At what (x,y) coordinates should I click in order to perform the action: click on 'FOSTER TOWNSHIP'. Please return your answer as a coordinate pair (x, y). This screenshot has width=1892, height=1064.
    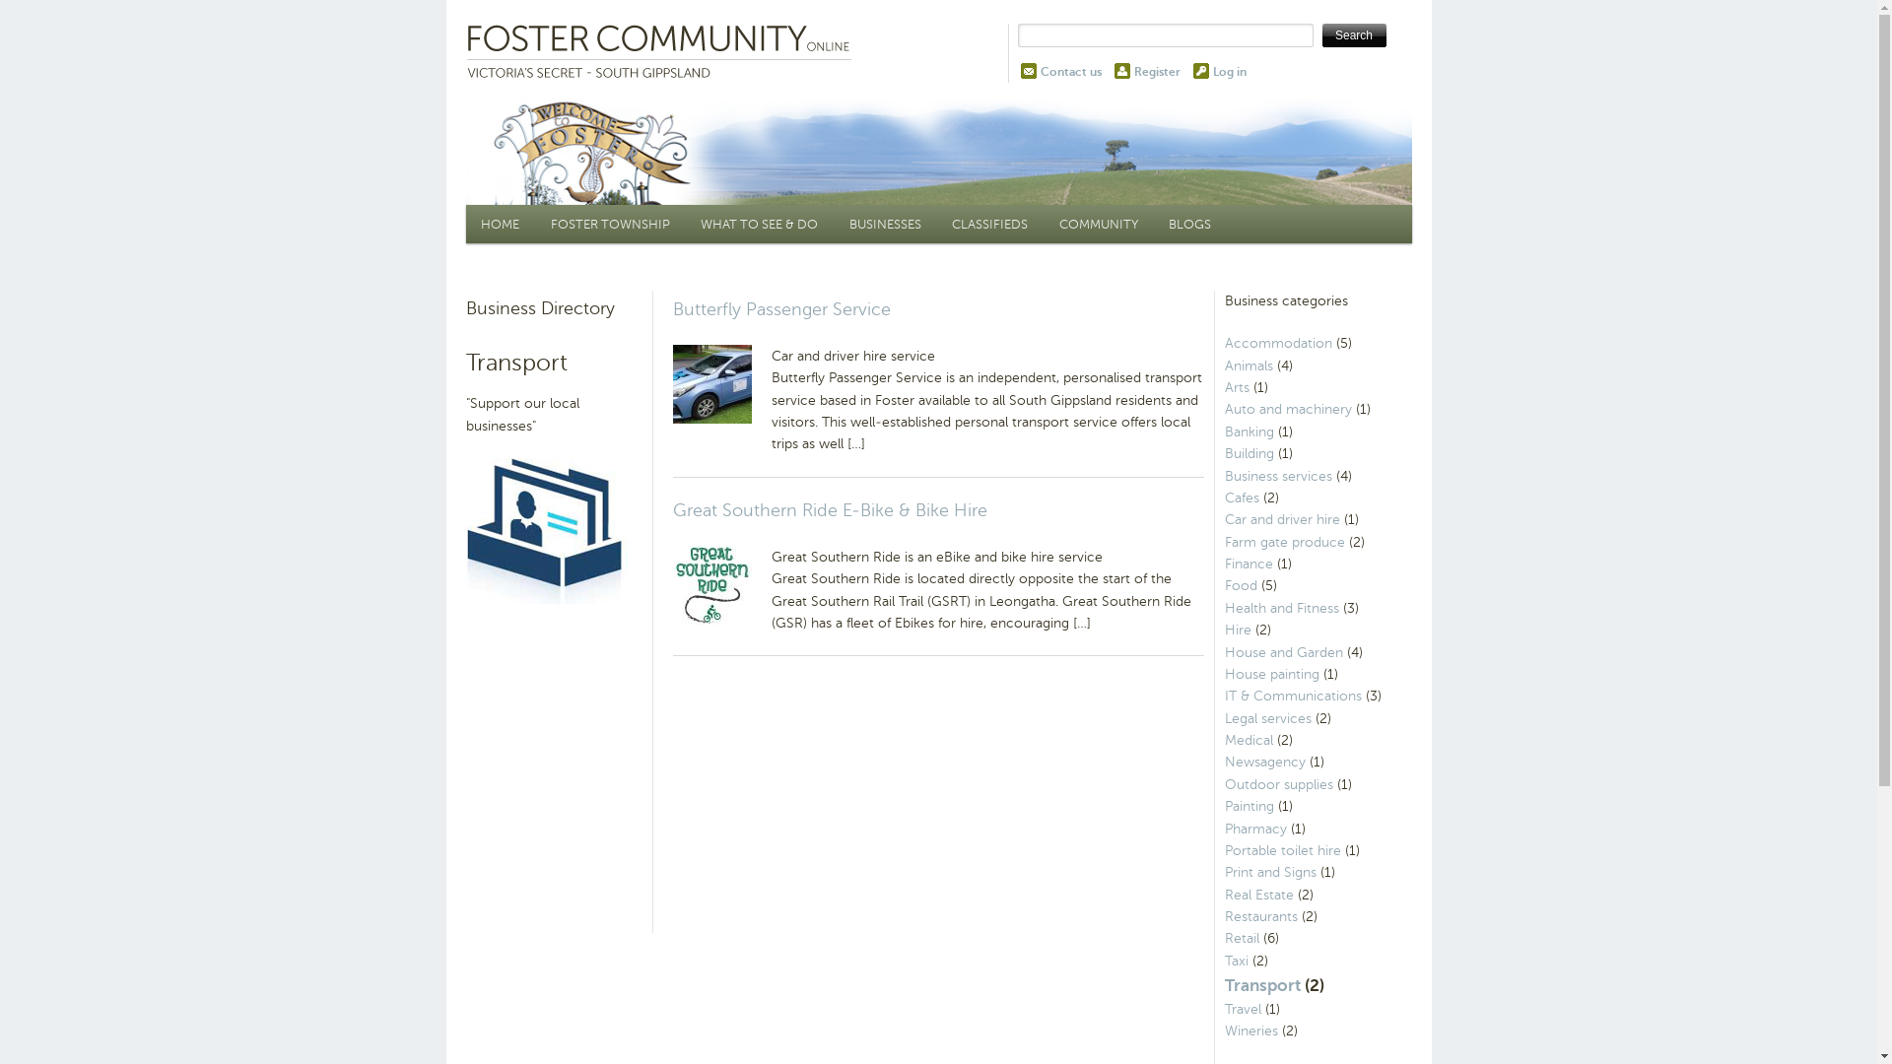
    Looking at the image, I should click on (534, 223).